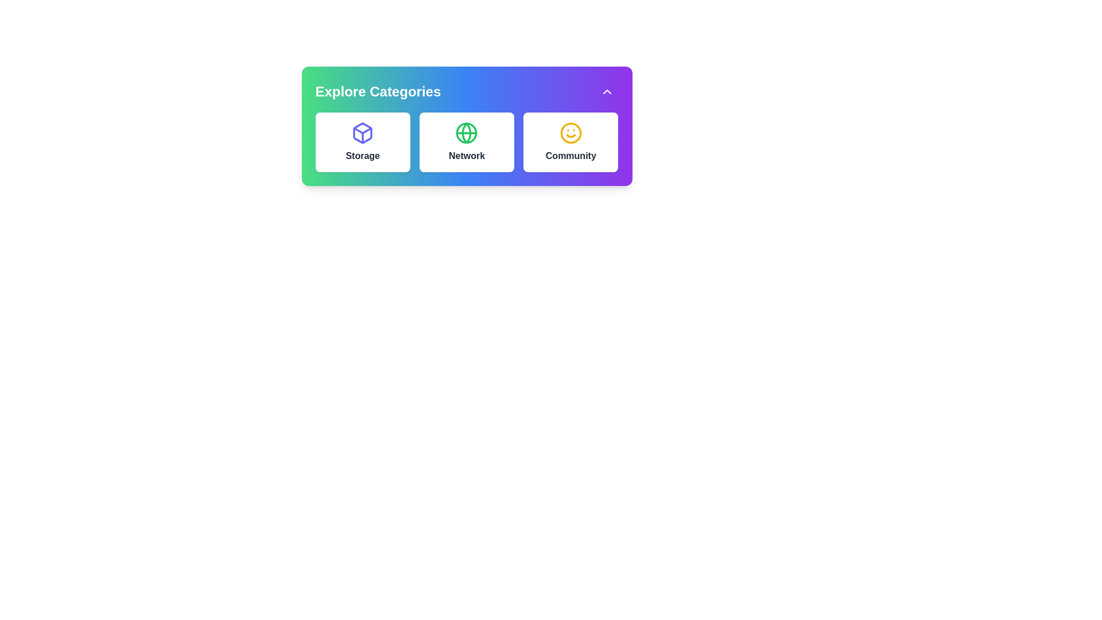 The height and width of the screenshot is (620, 1102). What do you see at coordinates (467, 132) in the screenshot?
I see `the globe-like icon with a green stroke located at the center of the 'Network' card` at bounding box center [467, 132].